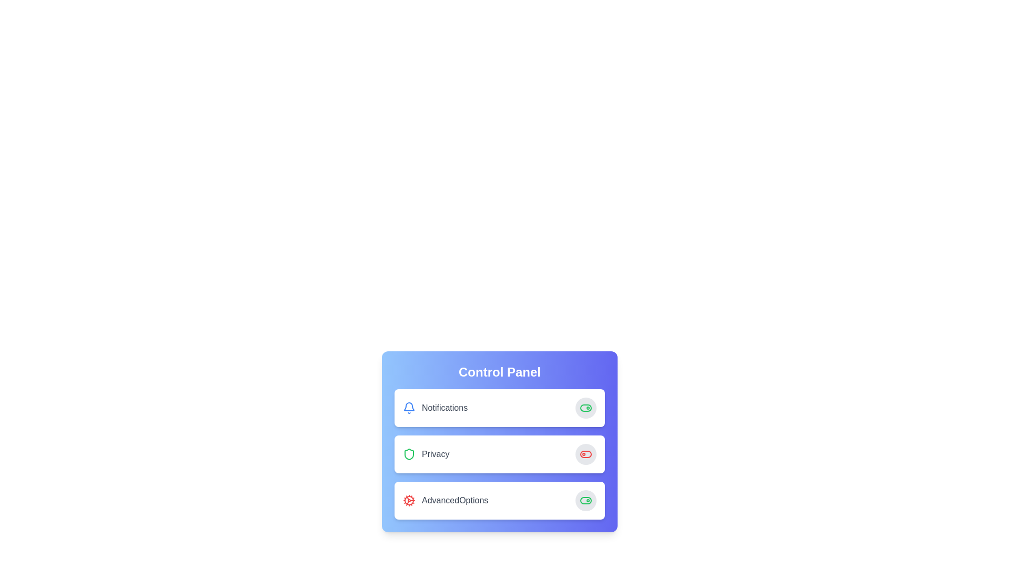  What do you see at coordinates (435, 407) in the screenshot?
I see `the 'Notifications' text with the blue bell icon at the top of the vertical list in the 'Control Panel'` at bounding box center [435, 407].